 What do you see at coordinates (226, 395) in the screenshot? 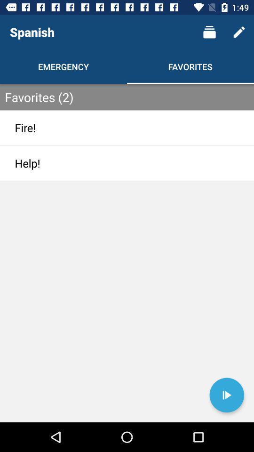
I see `the icon at the bottom right corner` at bounding box center [226, 395].